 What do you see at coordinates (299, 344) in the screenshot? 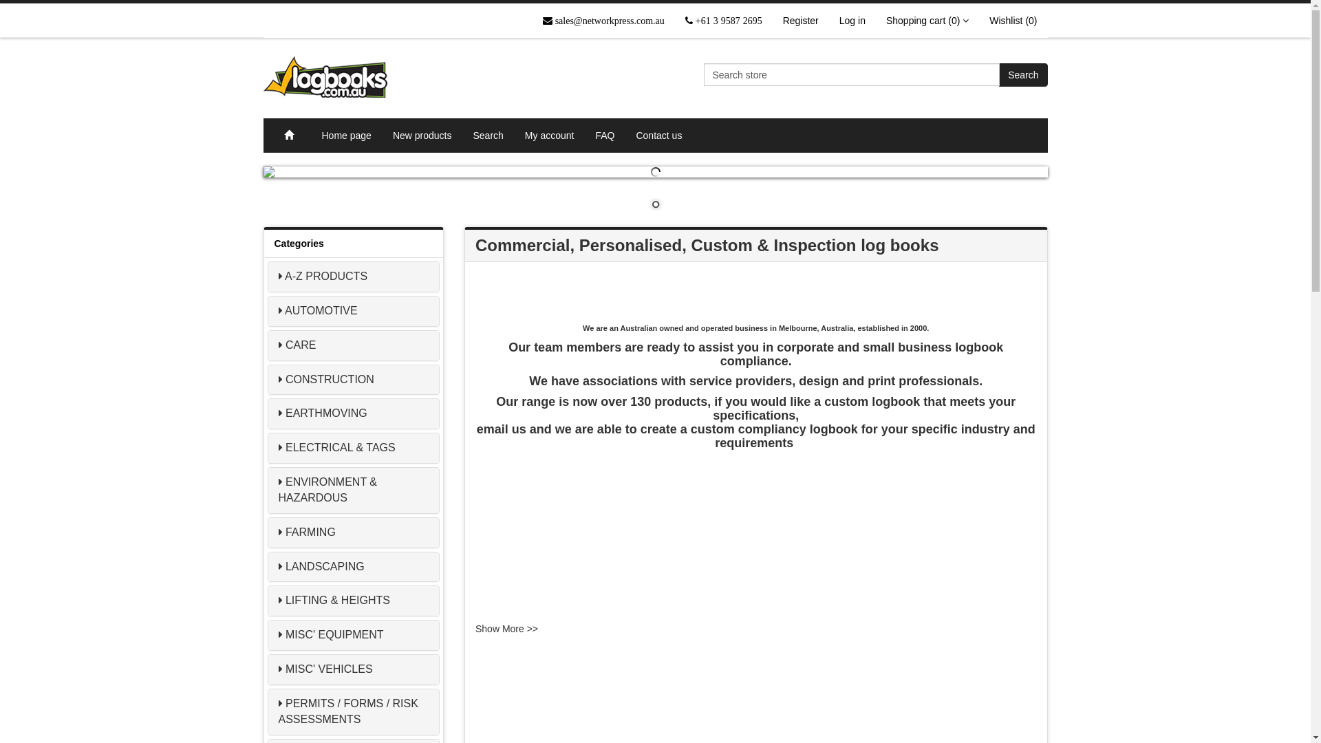
I see `'CARE'` at bounding box center [299, 344].